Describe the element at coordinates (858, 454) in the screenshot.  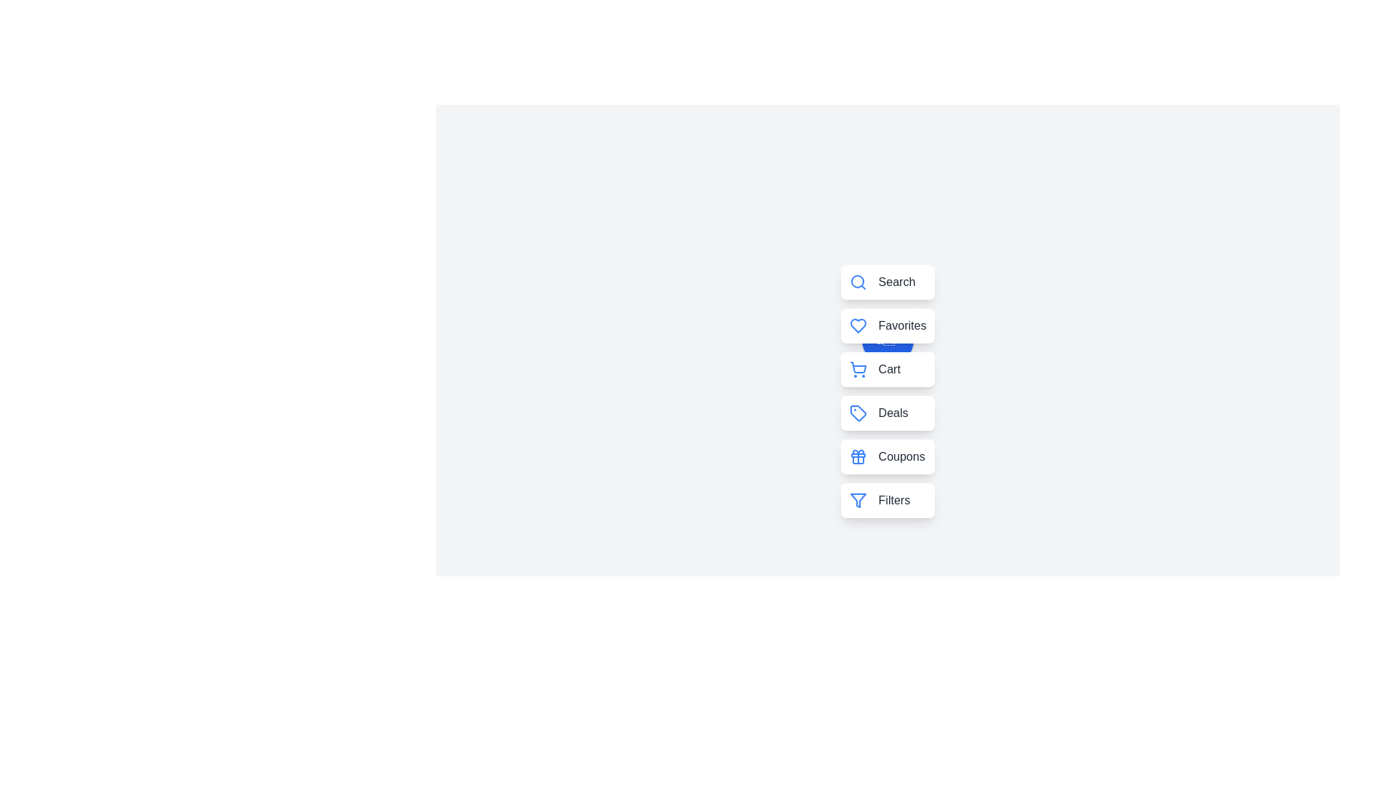
I see `the decorative rectangular element styled as a horizontal bar within the gift box icon, located below the top portion of the icon adjacent to the 'Coupons' label` at that location.